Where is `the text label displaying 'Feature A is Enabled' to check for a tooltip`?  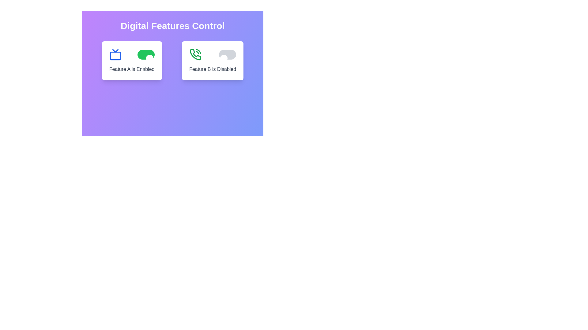
the text label displaying 'Feature A is Enabled' to check for a tooltip is located at coordinates (131, 69).